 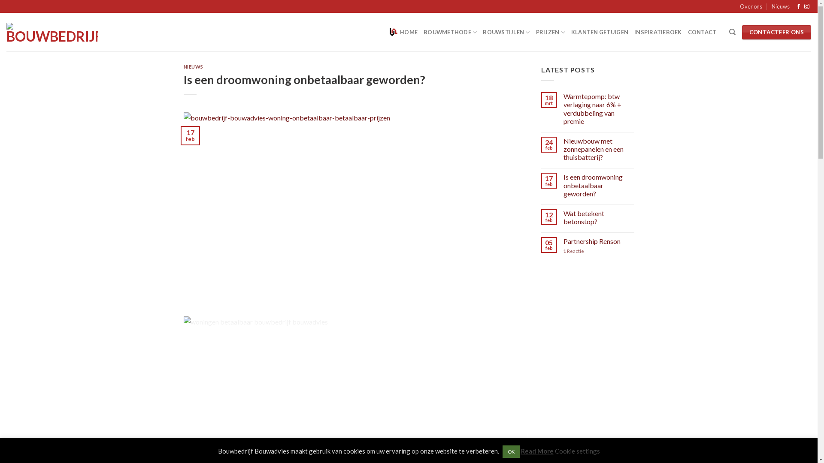 What do you see at coordinates (806, 6) in the screenshot?
I see `'Volg ons op Instagram'` at bounding box center [806, 6].